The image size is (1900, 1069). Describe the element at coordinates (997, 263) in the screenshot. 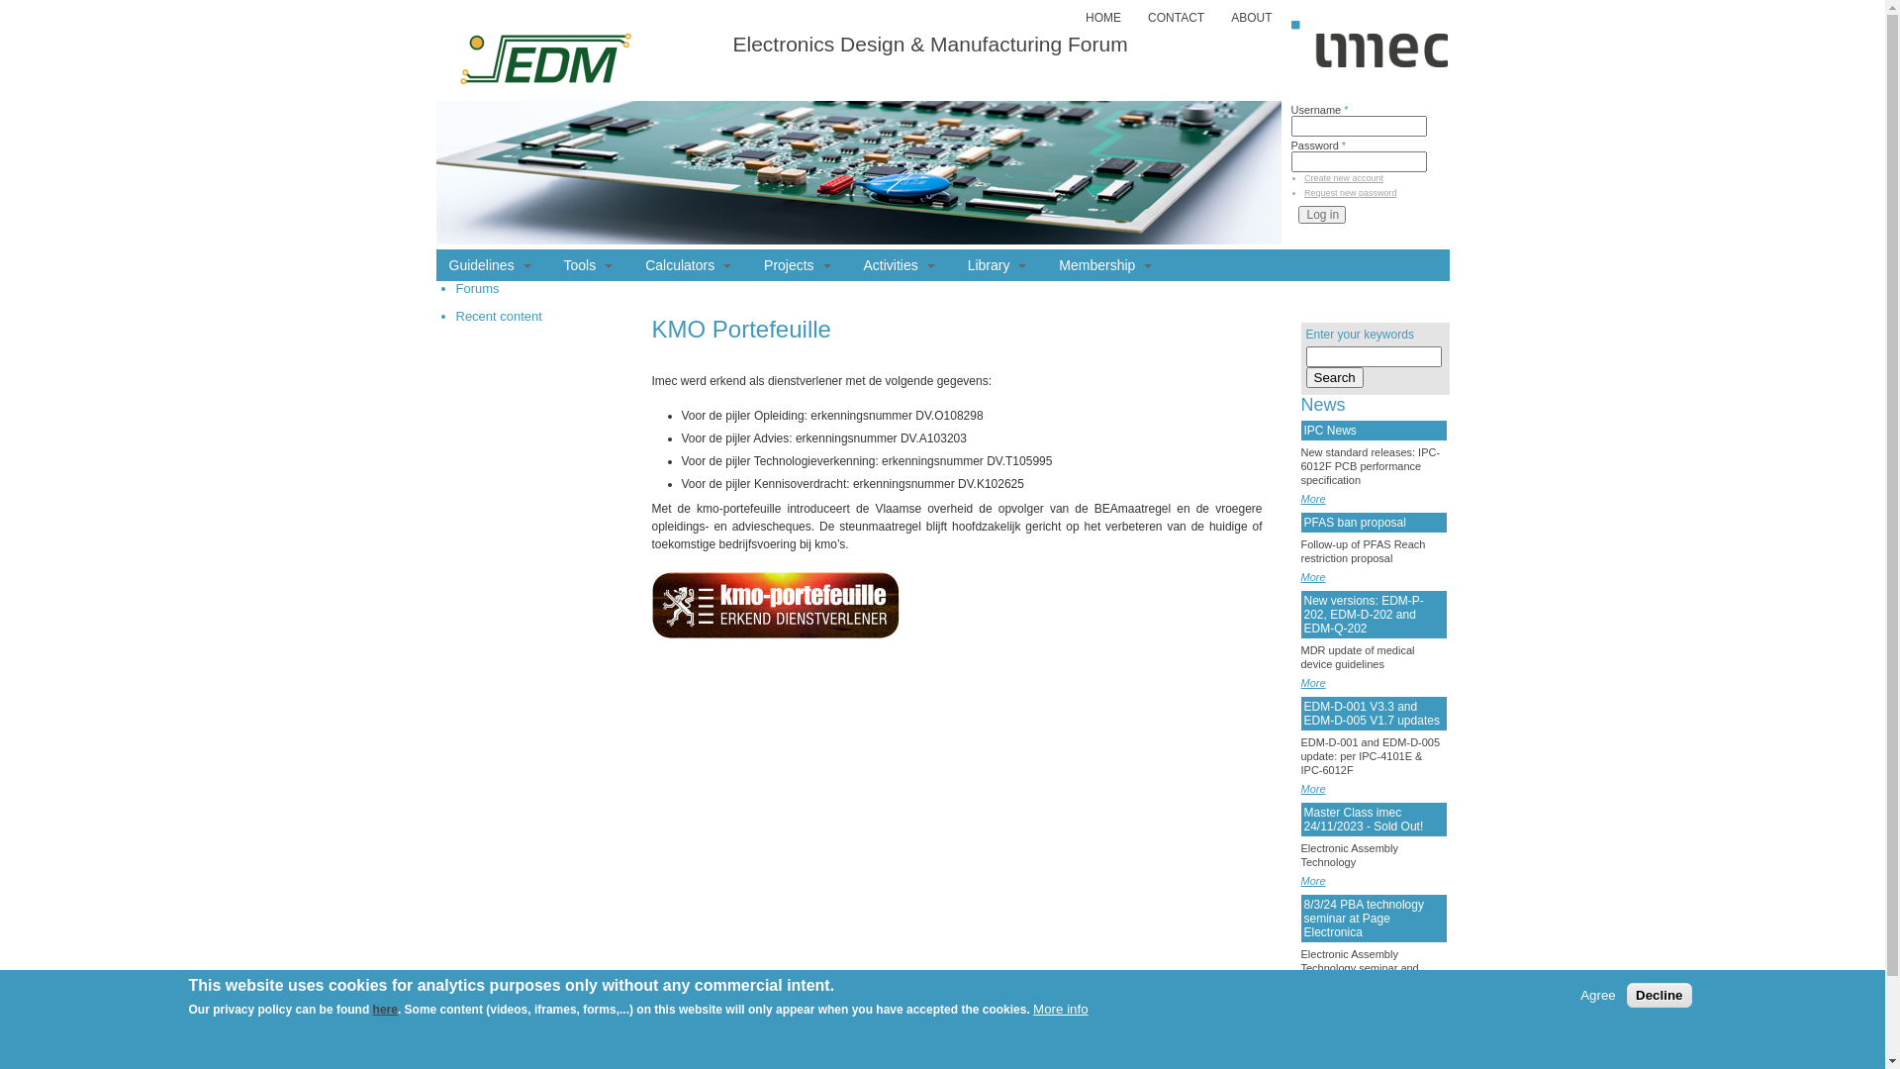

I see `'Library'` at that location.